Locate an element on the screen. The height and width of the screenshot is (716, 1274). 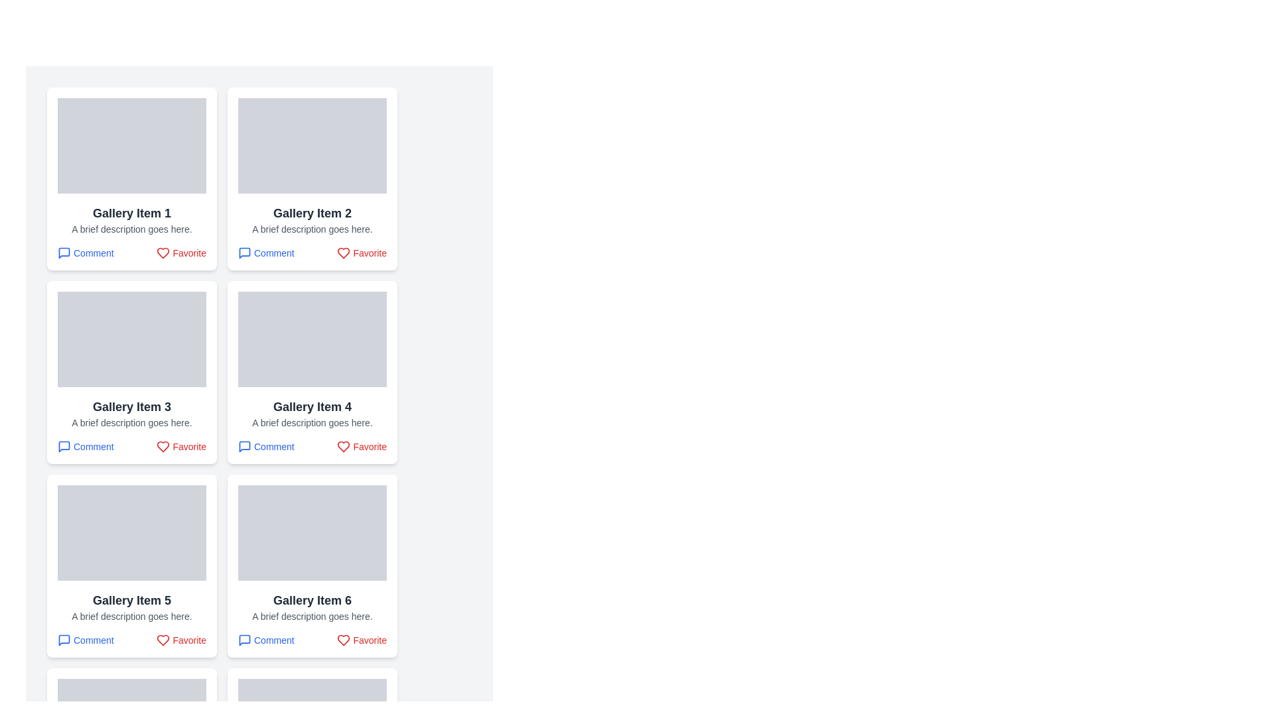
the favorite button located at the bottom-right of the card for 'Gallery Item 3' is located at coordinates (180, 447).